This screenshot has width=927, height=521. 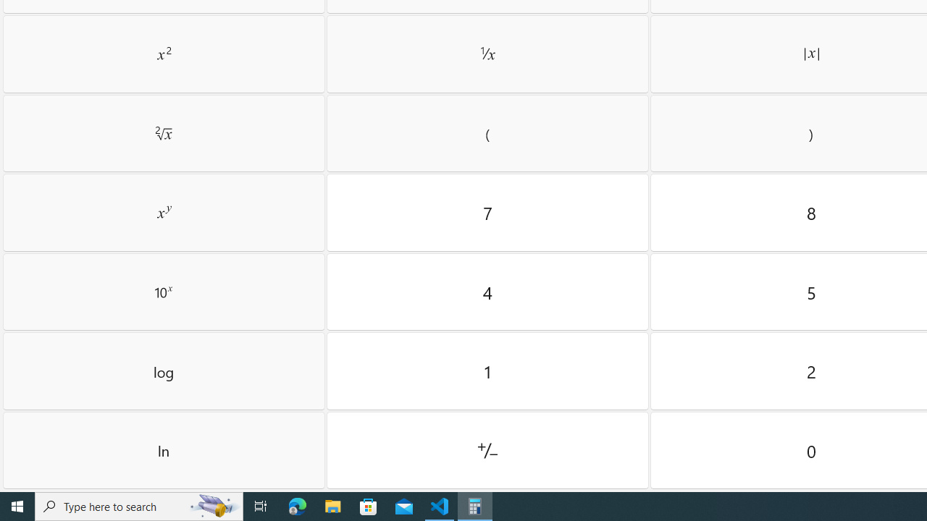 I want to click on 'Square root', so click(x=164, y=133).